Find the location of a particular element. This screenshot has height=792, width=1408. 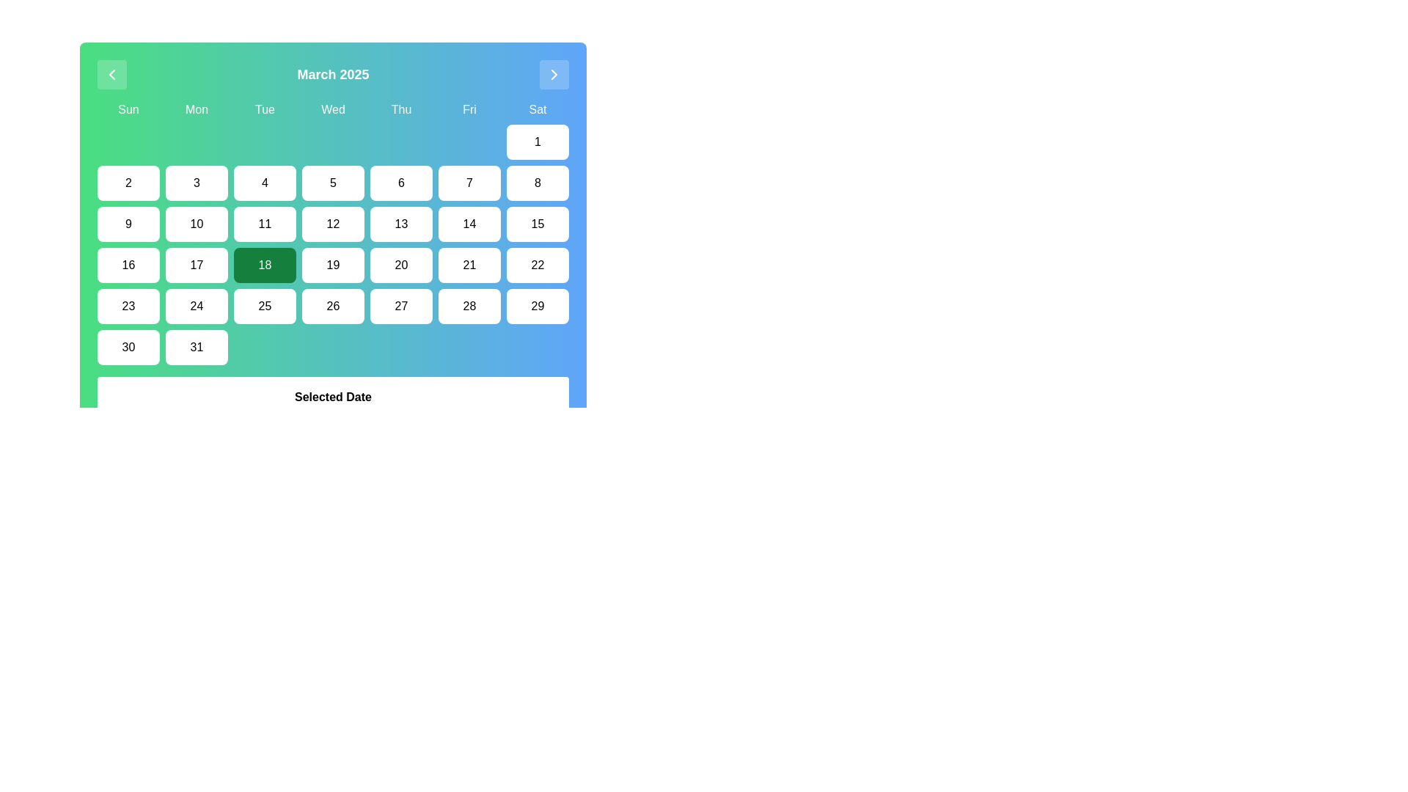

the calendar day cell for the 25th of March 2025 is located at coordinates (265, 305).